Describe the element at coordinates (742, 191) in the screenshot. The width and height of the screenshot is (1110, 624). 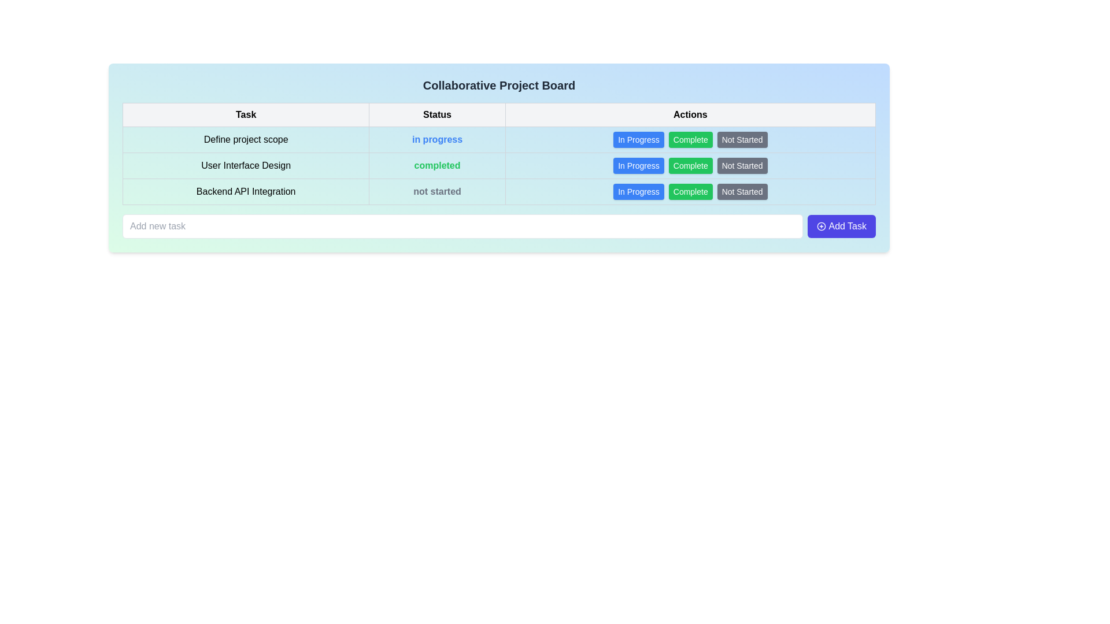
I see `the 'Not Started' button in the 'Actions' column of the third row` at that location.